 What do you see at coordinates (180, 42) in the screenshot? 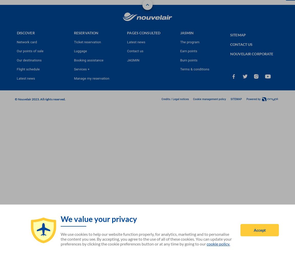
I see `'The program'` at bounding box center [180, 42].